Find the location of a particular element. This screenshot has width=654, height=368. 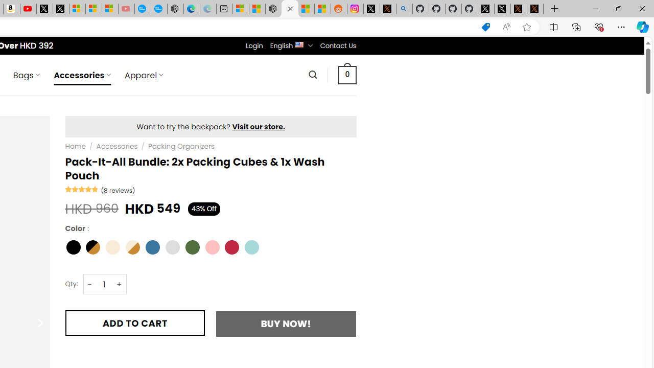

'Login' is located at coordinates (254, 45).